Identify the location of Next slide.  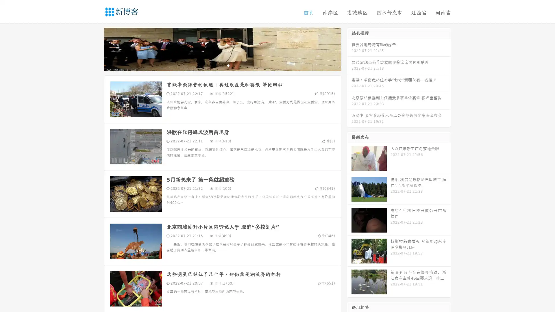
(349, 49).